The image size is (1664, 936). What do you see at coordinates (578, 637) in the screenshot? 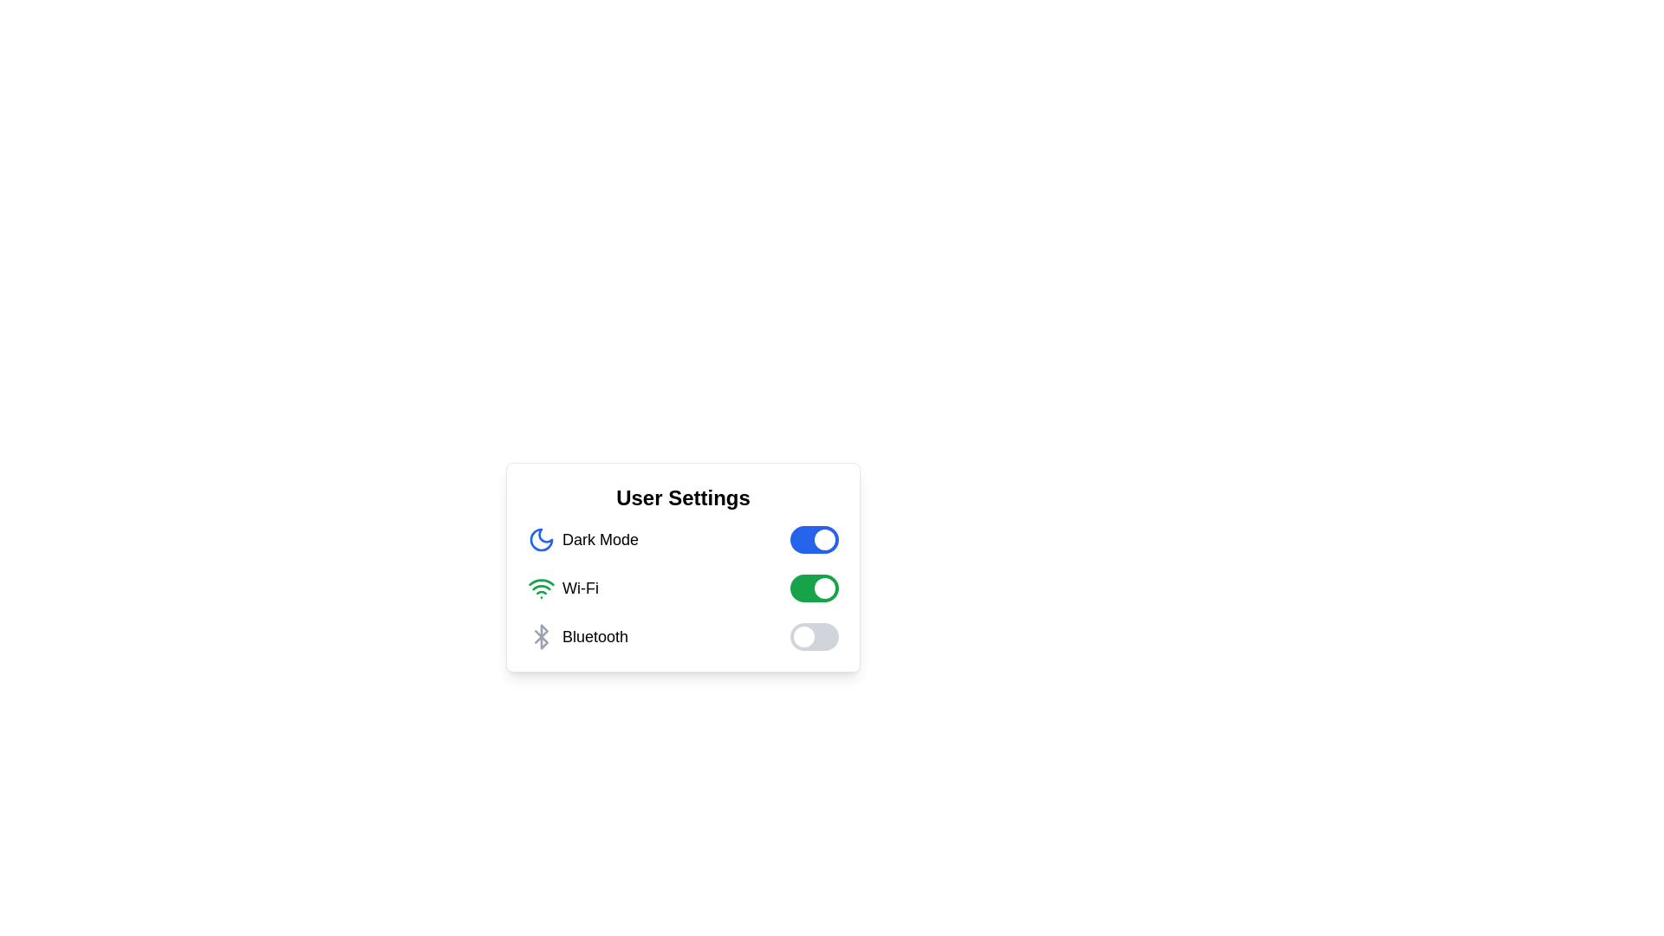
I see `the Bluetooth setting label in the User Settings interface, located in the bottom-left portion of the panel, which is the last row beneath Wi-Fi` at bounding box center [578, 637].